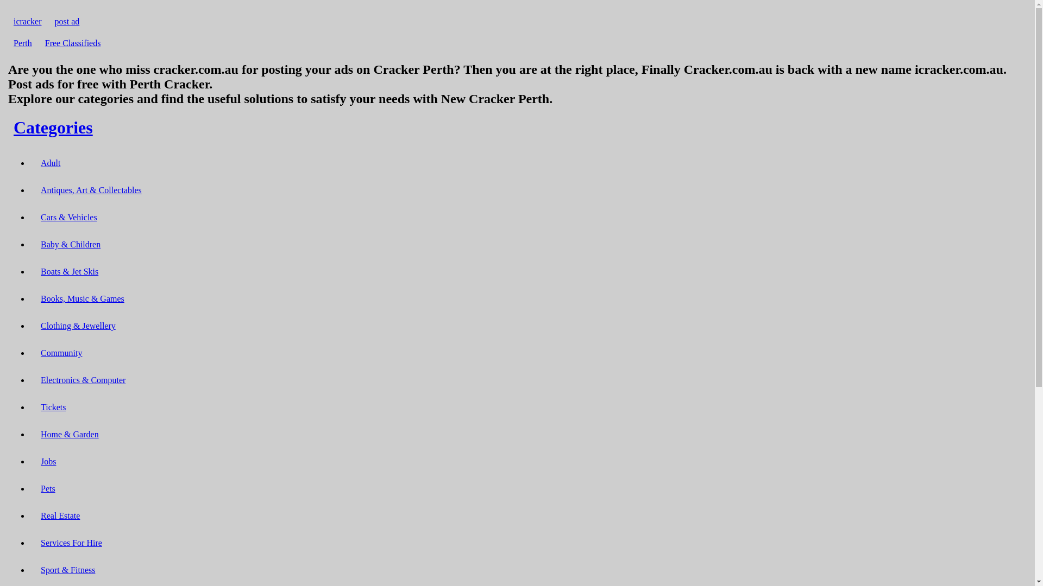 The image size is (1043, 586). Describe the element at coordinates (35, 515) in the screenshot. I see `'Real Estate'` at that location.